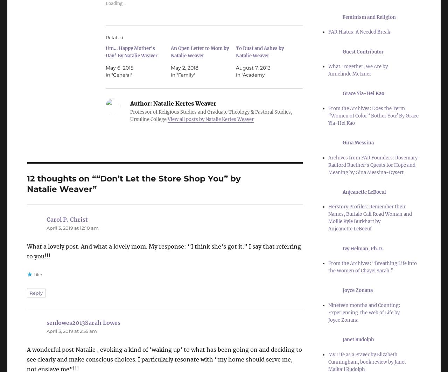 The width and height of the screenshot is (448, 372). What do you see at coordinates (119, 74) in the screenshot?
I see `'In "General"'` at bounding box center [119, 74].